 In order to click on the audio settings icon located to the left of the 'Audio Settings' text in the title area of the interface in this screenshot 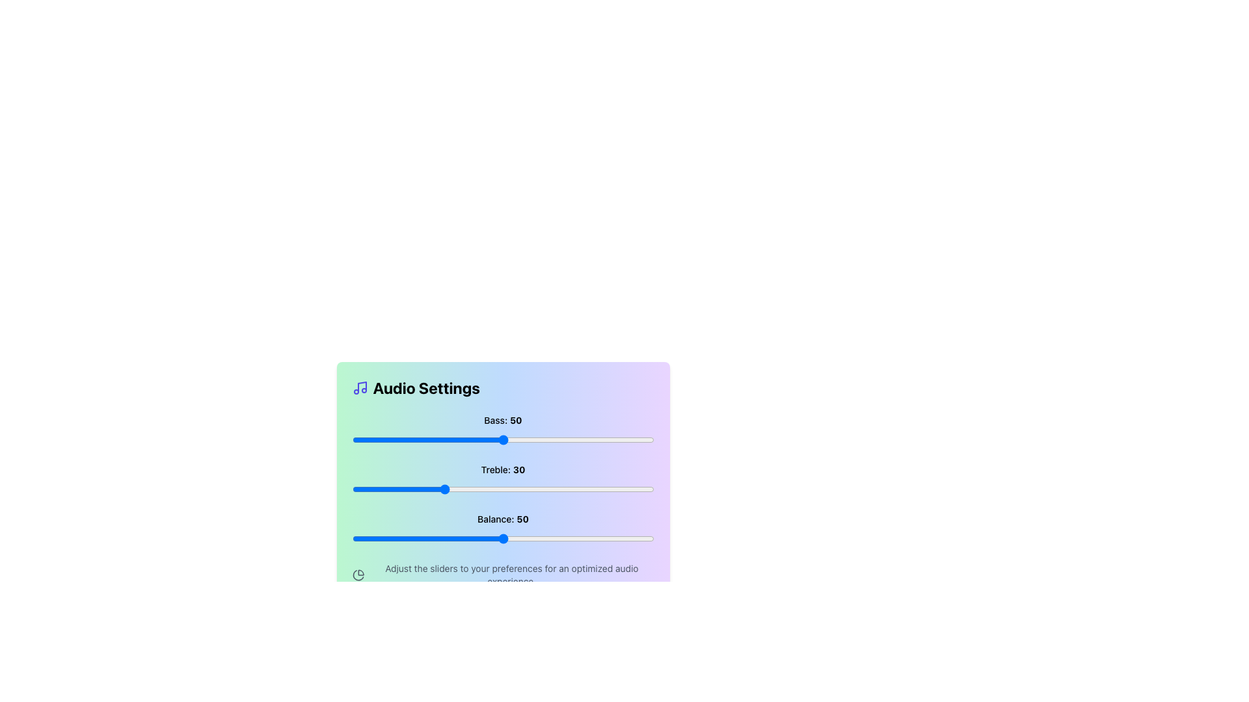, I will do `click(360, 387)`.